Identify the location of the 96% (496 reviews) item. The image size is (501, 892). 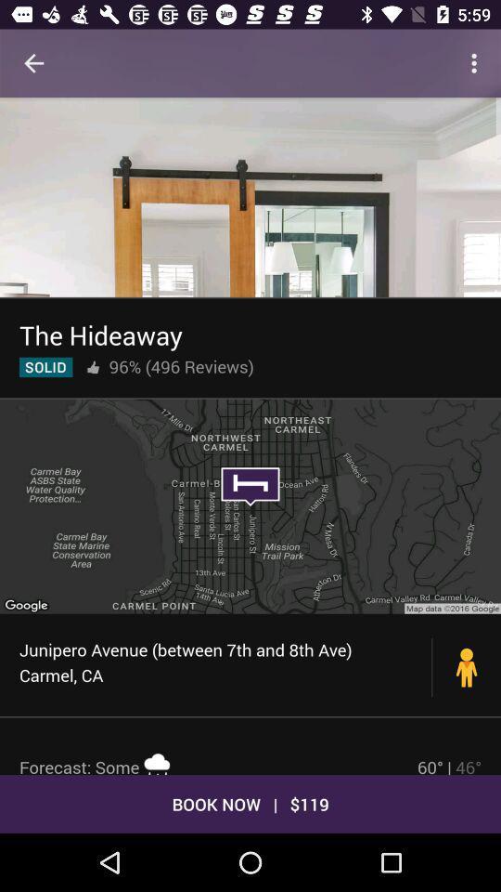
(181, 365).